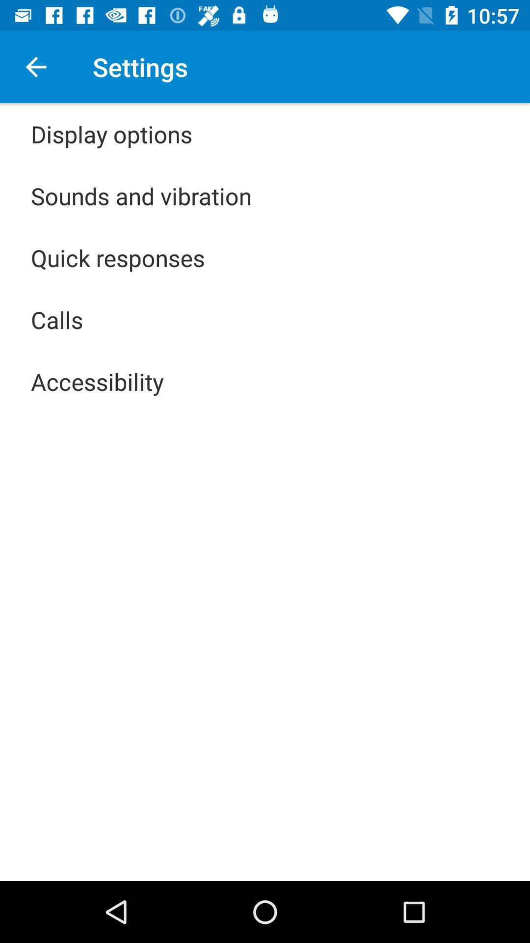 The width and height of the screenshot is (530, 943). Describe the element at coordinates (141, 195) in the screenshot. I see `app below the display options icon` at that location.